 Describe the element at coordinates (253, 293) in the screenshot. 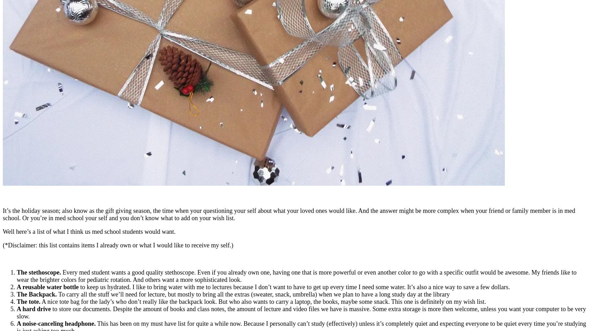

I see `'To carry all the stuff we’ll need for lecture, but mostly to bring all the extras (sweater, snack, umbrella) when we plan to have a long study day at the library'` at that location.